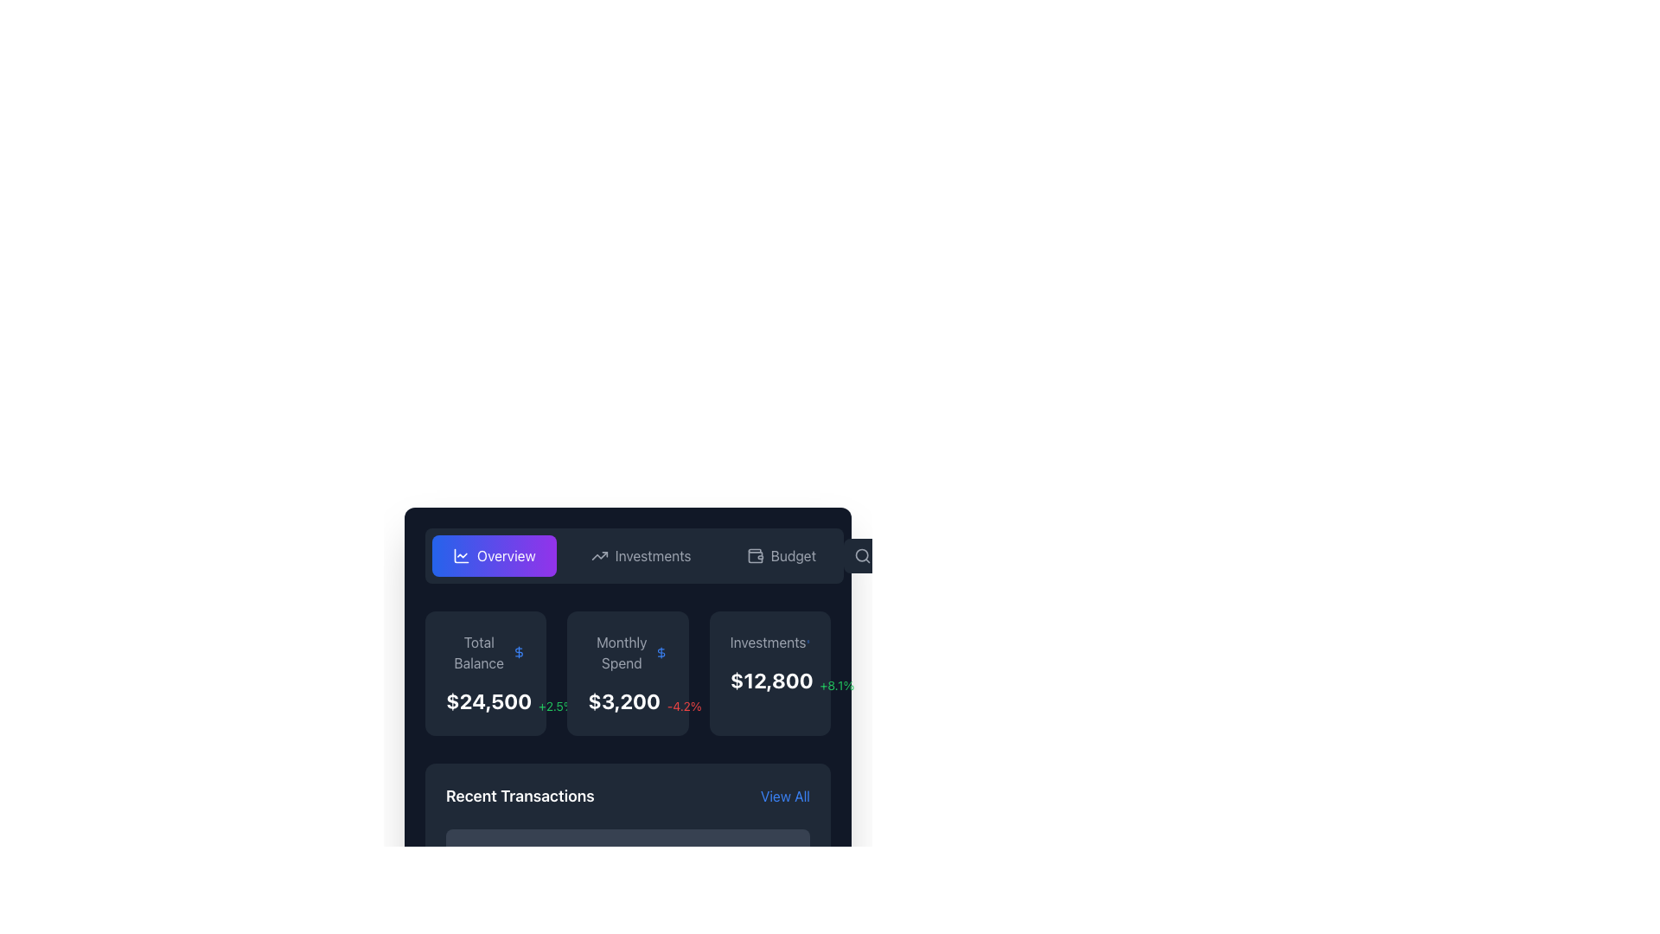 The image size is (1660, 934). What do you see at coordinates (623, 700) in the screenshot?
I see `Text Label that displays the current monthly spending value, located slightly below the title 'Monthly Spend' and to the left of the smaller red text showing '-4.2%'` at bounding box center [623, 700].